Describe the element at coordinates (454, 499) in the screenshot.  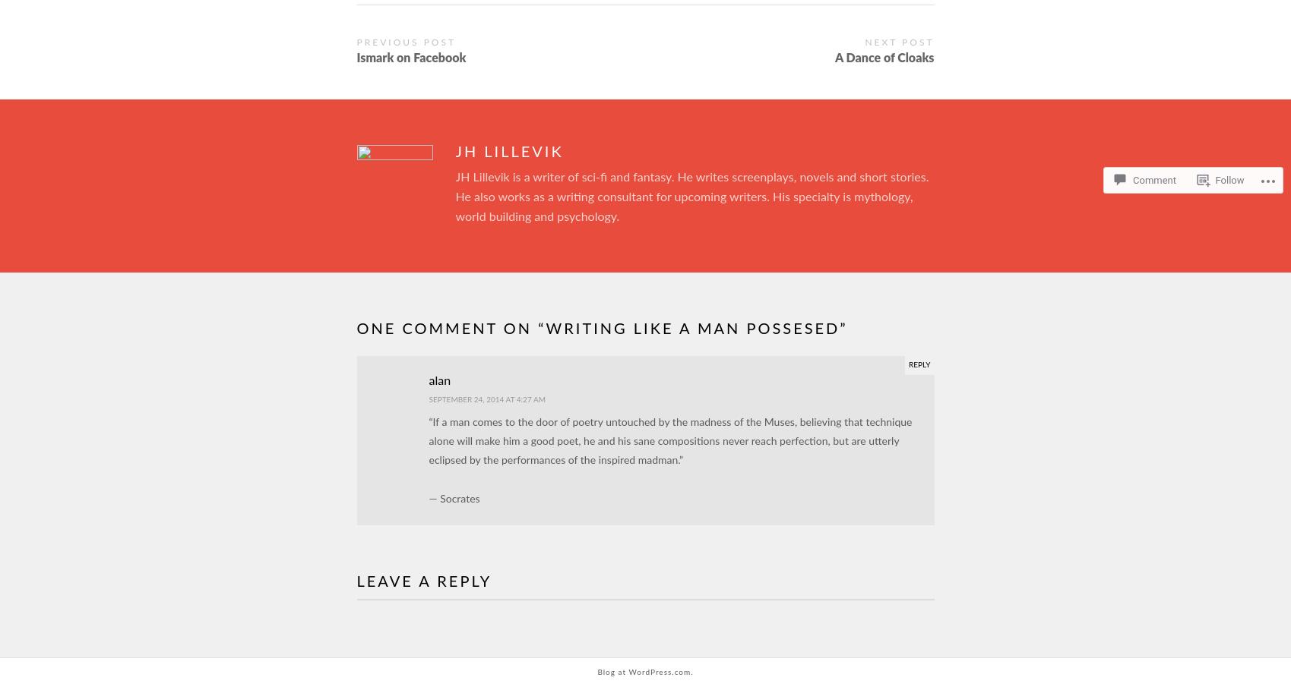
I see `'― Socrates'` at that location.